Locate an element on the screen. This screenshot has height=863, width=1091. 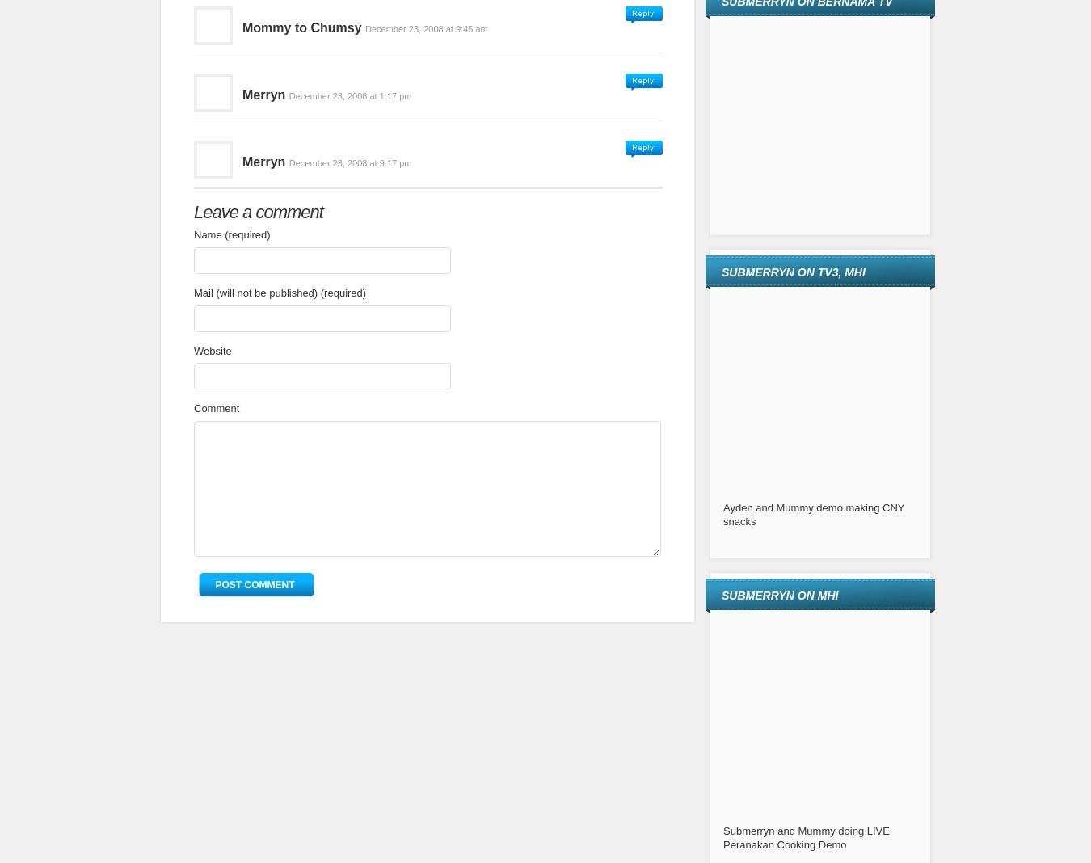
'Mail (will not be published) (required)' is located at coordinates (280, 291).